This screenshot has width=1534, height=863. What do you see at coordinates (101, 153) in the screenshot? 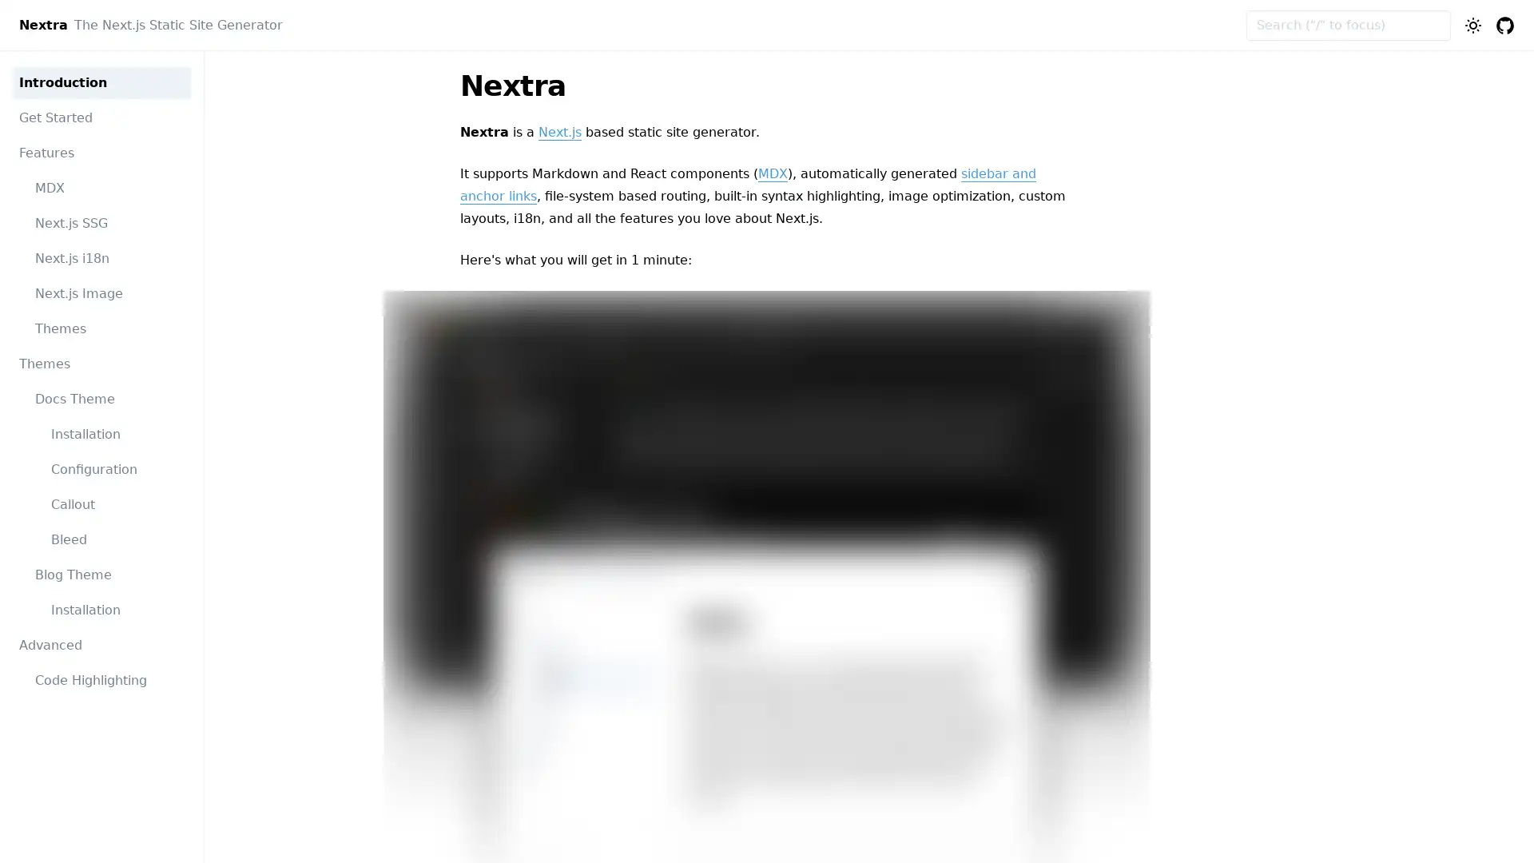
I see `Features` at bounding box center [101, 153].